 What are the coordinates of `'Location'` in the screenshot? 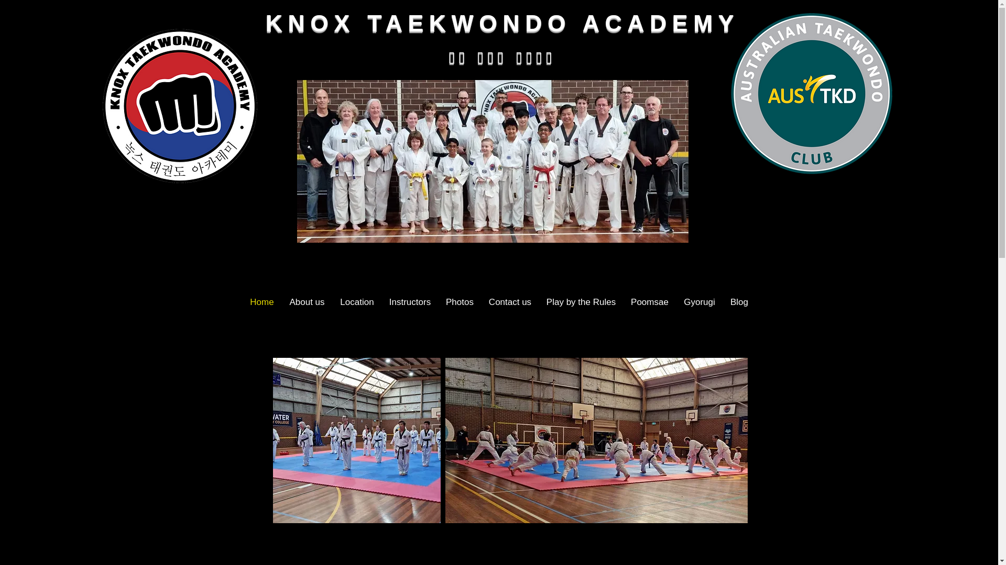 It's located at (331, 302).